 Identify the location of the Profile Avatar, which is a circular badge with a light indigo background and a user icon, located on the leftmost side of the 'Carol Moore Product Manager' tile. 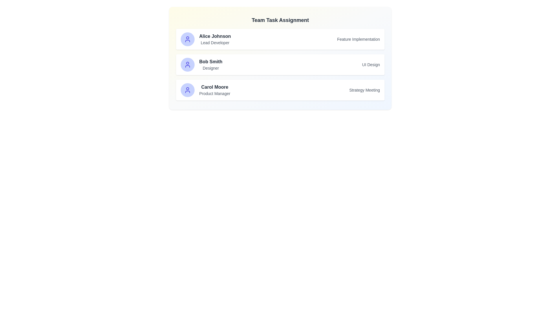
(188, 90).